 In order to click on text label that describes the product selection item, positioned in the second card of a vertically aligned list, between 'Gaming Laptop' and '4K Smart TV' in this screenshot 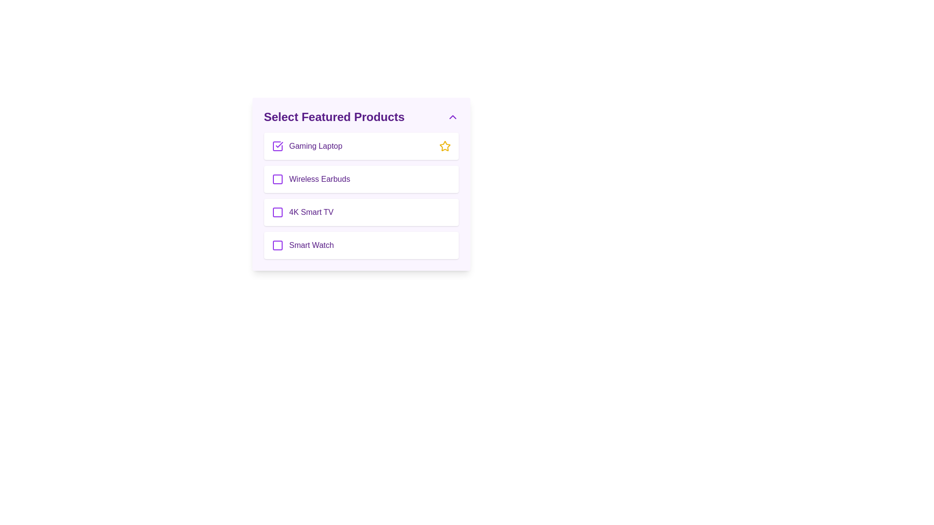, I will do `click(320, 179)`.